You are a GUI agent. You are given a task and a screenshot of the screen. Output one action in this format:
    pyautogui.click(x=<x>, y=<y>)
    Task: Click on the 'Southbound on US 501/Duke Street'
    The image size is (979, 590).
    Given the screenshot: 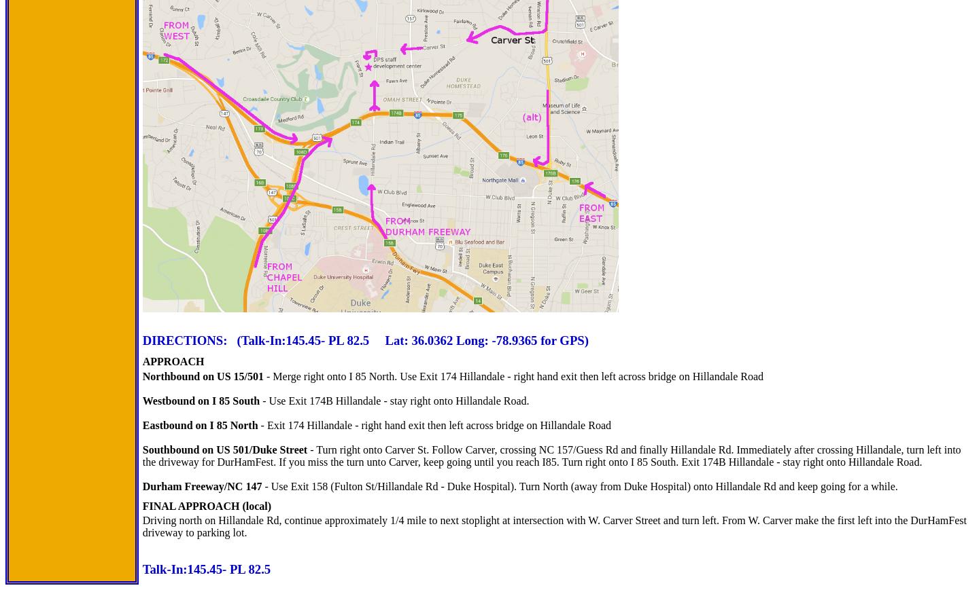 What is the action you would take?
    pyautogui.click(x=224, y=449)
    